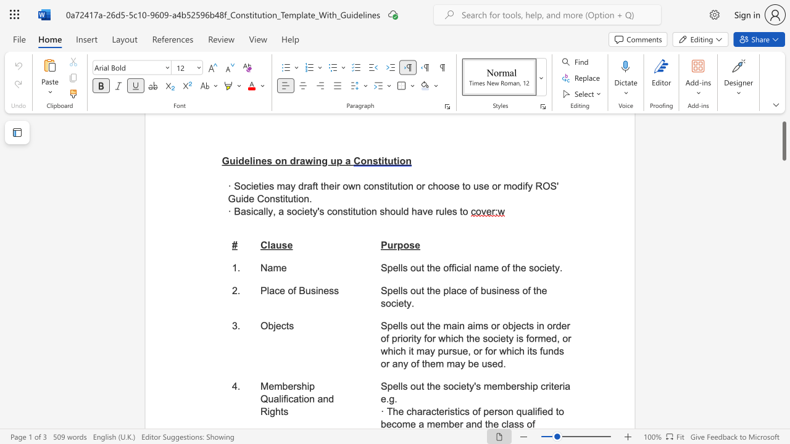  Describe the element at coordinates (783, 140) in the screenshot. I see `the scrollbar and move up 30 pixels` at that location.